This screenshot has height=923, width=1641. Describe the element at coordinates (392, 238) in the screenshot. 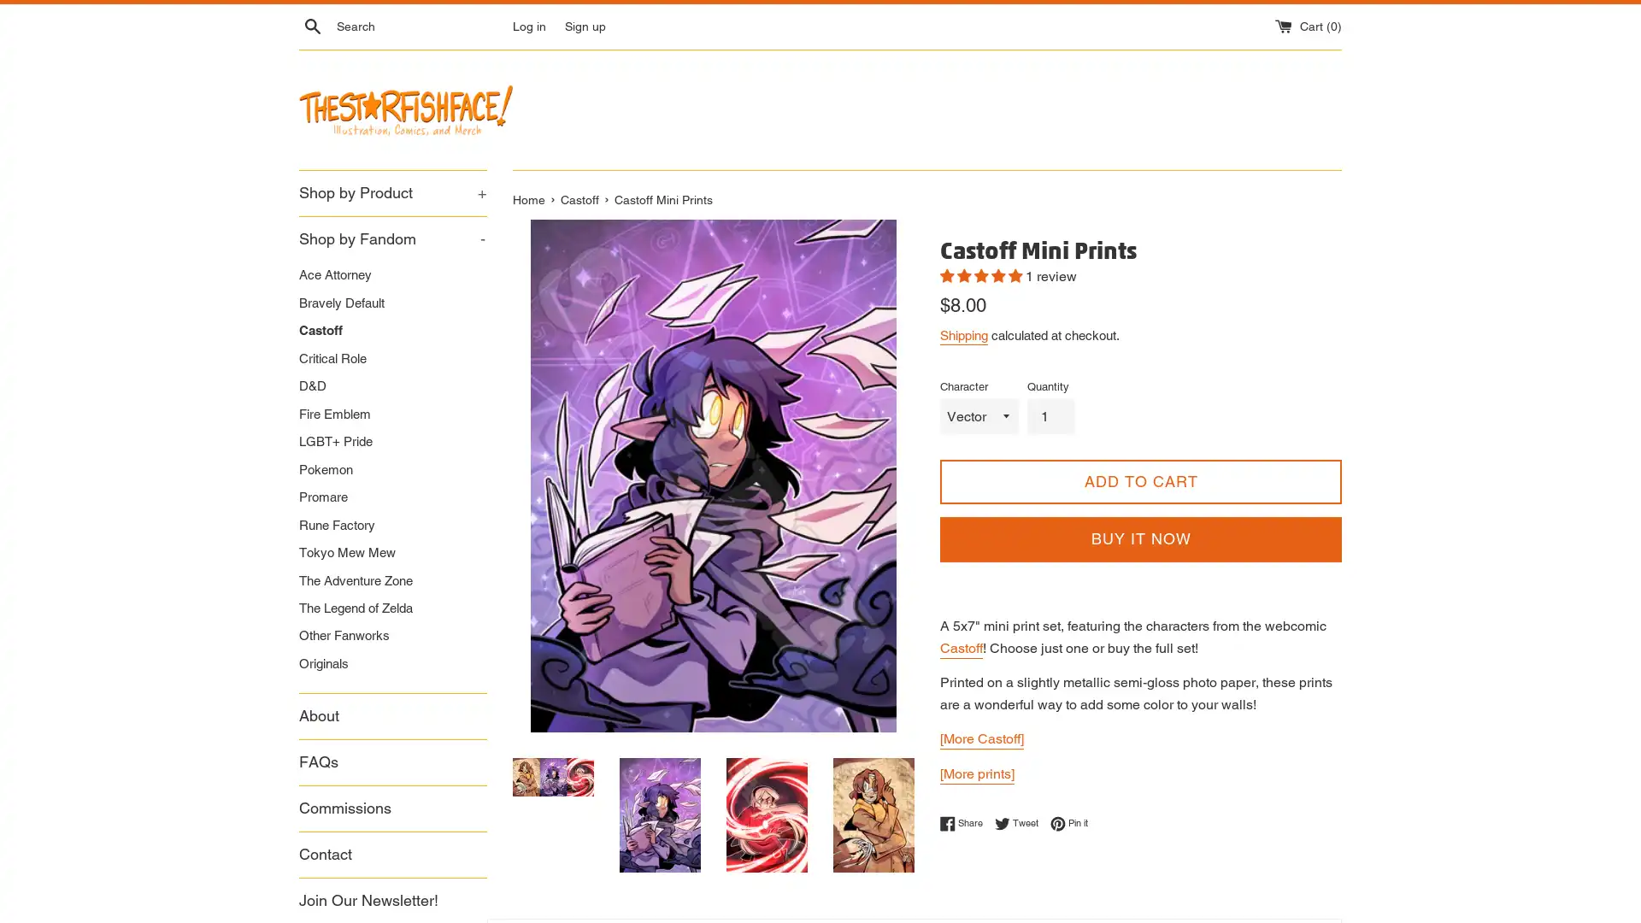

I see `Shop by Fandom` at that location.